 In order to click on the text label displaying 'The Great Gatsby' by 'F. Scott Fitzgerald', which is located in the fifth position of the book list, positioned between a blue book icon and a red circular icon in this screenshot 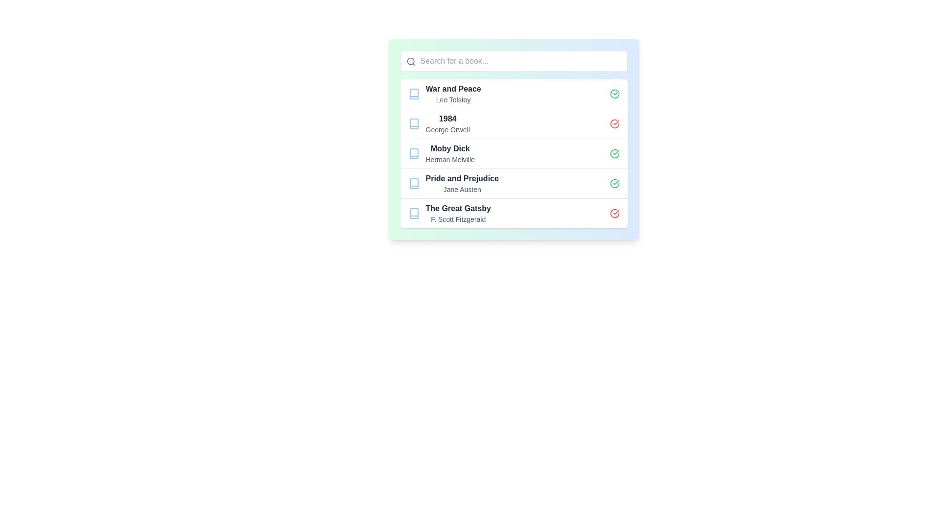, I will do `click(458, 213)`.